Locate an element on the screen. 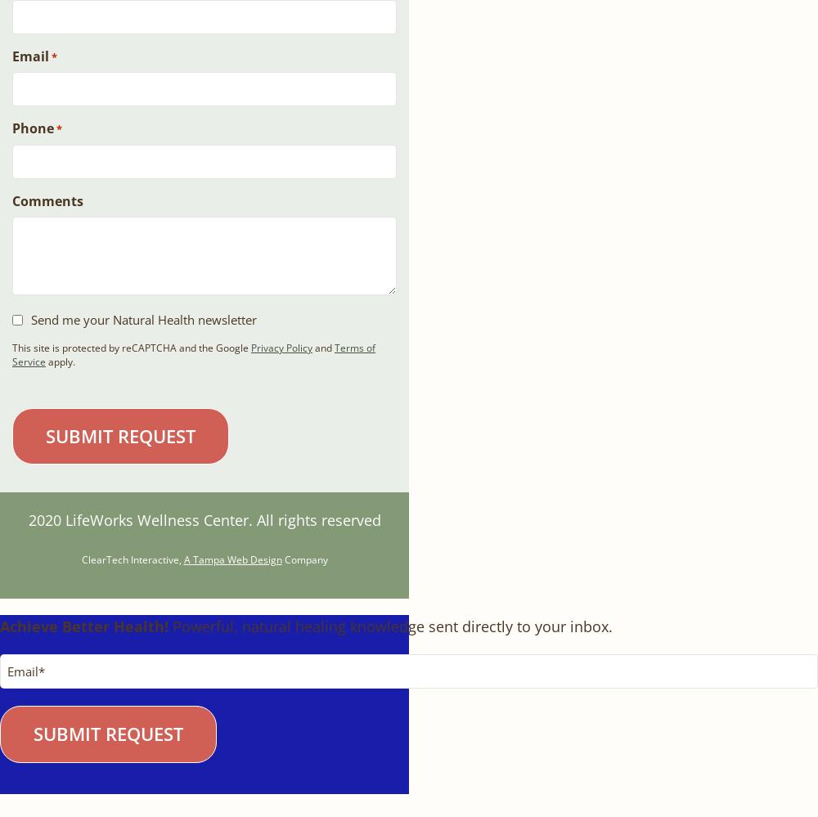  'Email' is located at coordinates (30, 55).